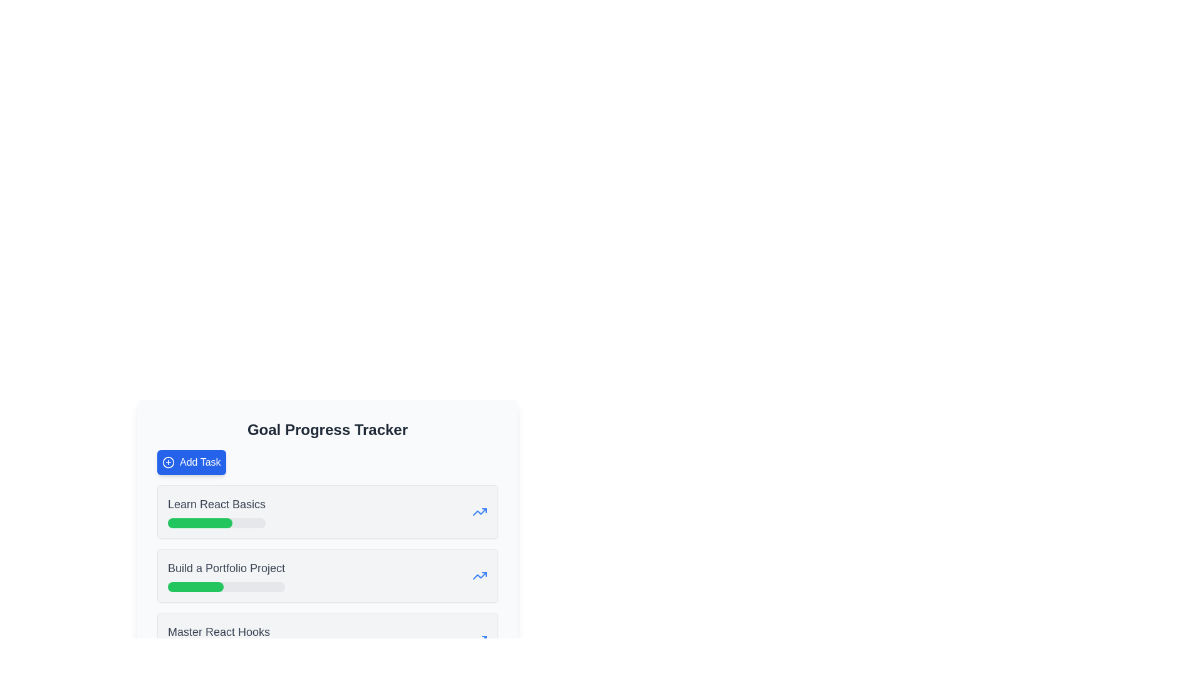 The height and width of the screenshot is (676, 1203). What do you see at coordinates (479, 511) in the screenshot?
I see `the left component of the SVG arrow icon representing upward progression, located next to the 'Build a Portfolio Project' text in the progress tracker interface` at bounding box center [479, 511].